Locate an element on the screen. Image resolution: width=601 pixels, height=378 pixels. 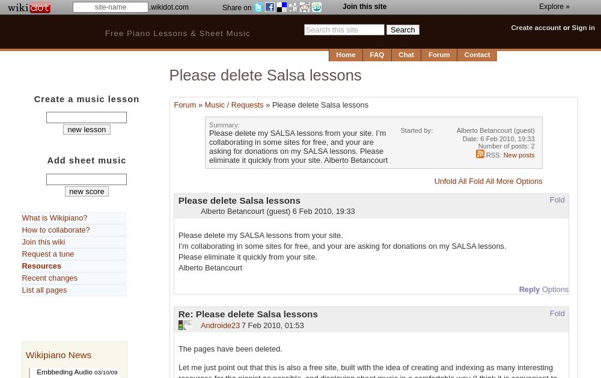
'Please delete my SALSA lessons from your site.' is located at coordinates (178, 234).